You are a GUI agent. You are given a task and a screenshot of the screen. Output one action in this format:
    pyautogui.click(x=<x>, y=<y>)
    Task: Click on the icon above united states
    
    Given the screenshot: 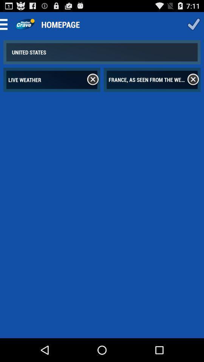 What is the action you would take?
    pyautogui.click(x=6, y=24)
    